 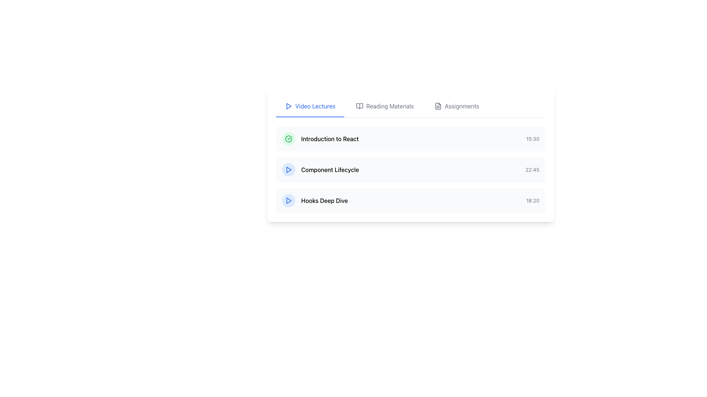 What do you see at coordinates (288, 139) in the screenshot?
I see `the green circular icon with a white checkmark, which indicates a completed action, located at the start of the first item under 'Video Lectures' before 'Introduction to React.'` at bounding box center [288, 139].